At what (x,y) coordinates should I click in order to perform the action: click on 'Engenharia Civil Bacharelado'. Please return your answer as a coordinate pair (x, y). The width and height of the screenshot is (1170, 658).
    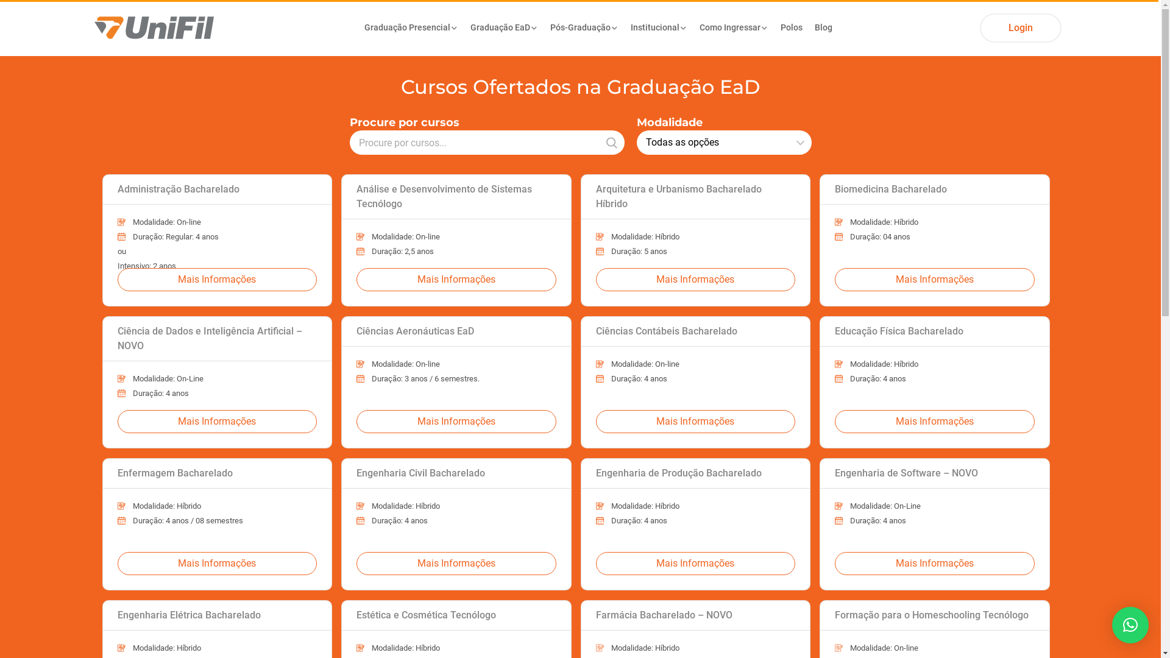
    Looking at the image, I should click on (455, 473).